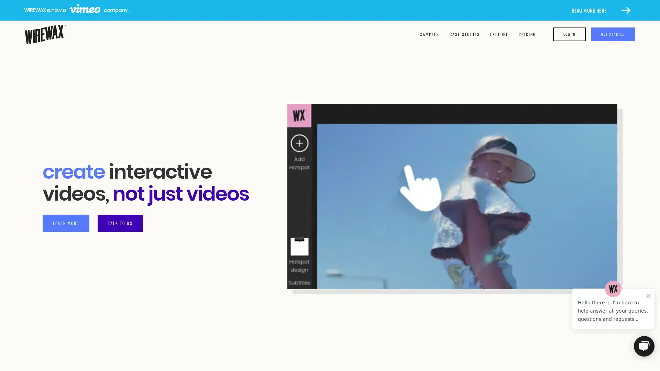  What do you see at coordinates (614, 34) in the screenshot?
I see `GET STARTED` at bounding box center [614, 34].